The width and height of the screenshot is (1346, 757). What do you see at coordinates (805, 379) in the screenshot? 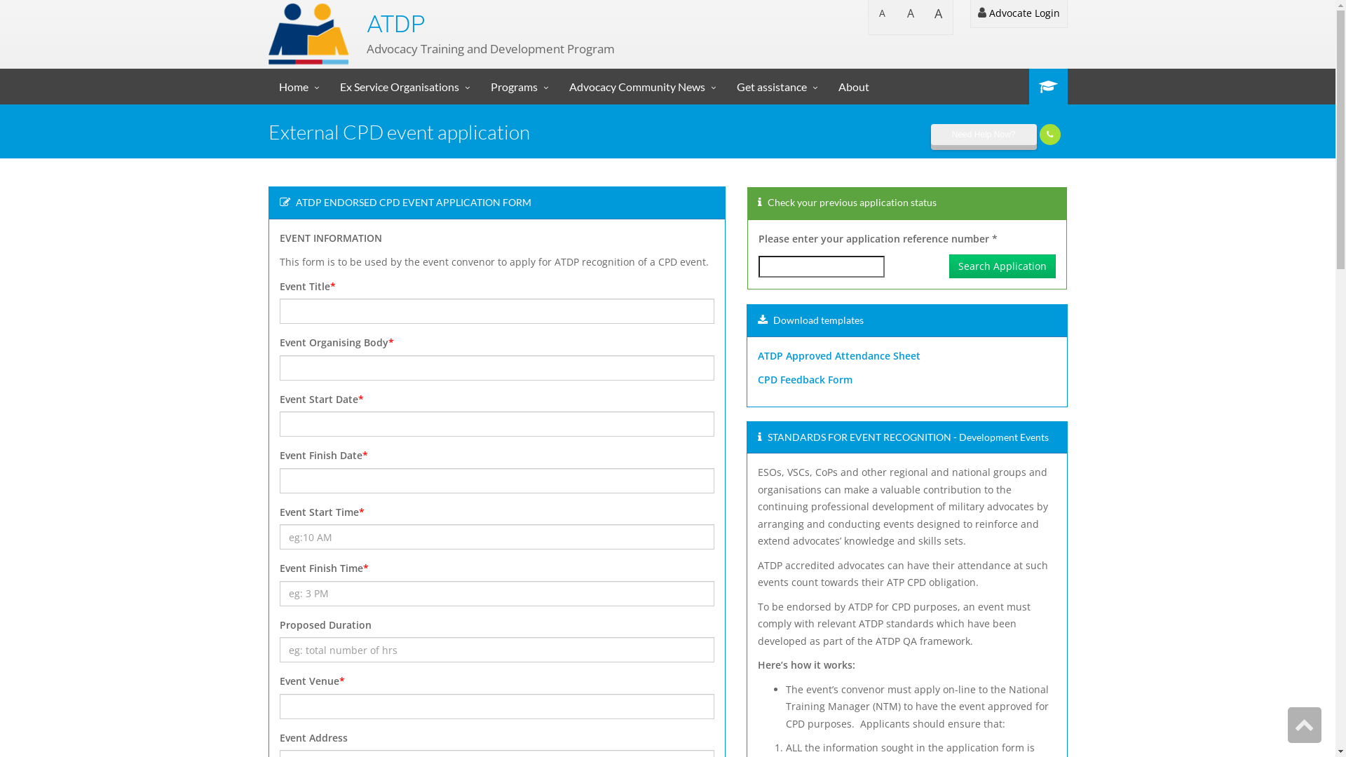
I see `'CPD Feedback Form'` at bounding box center [805, 379].